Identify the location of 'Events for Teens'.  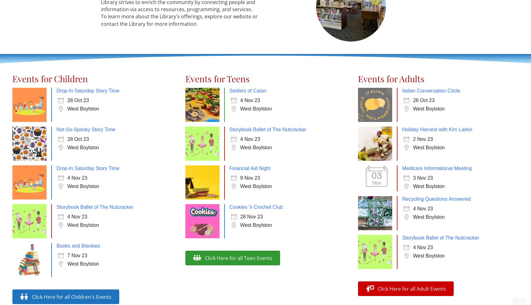
(217, 78).